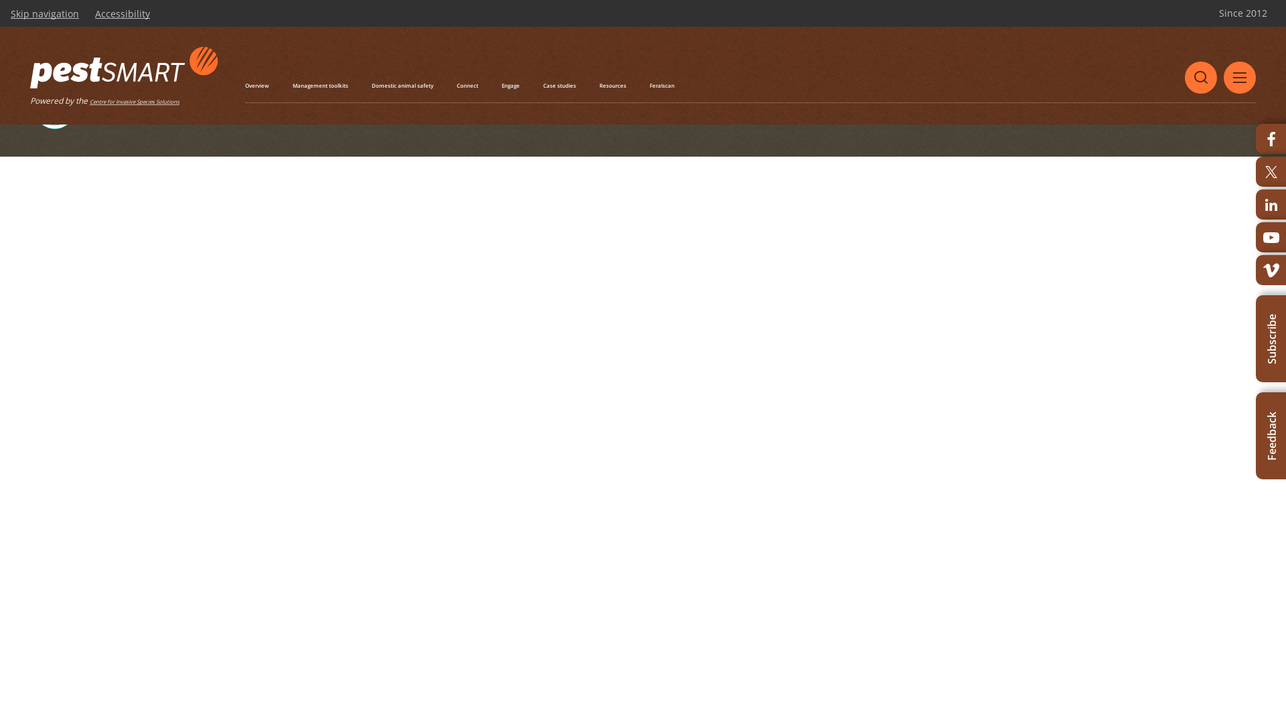 The image size is (1286, 723). What do you see at coordinates (135, 100) in the screenshot?
I see `'Centre for Invasive Species Solutions'` at bounding box center [135, 100].